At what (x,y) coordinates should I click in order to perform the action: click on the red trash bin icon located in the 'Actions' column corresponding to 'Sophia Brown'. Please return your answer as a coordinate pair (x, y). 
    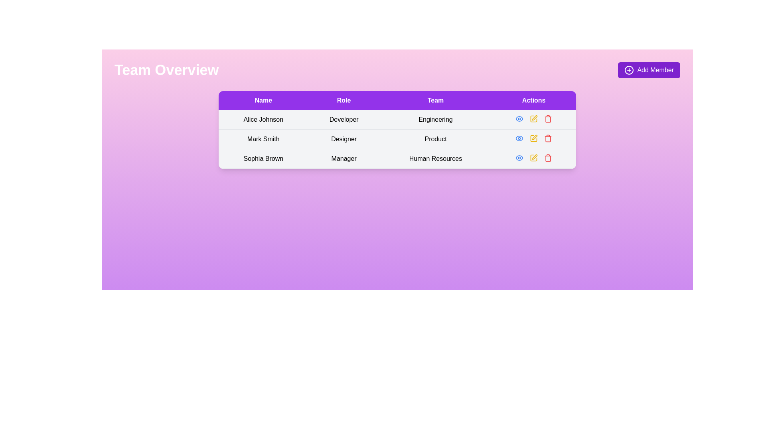
    Looking at the image, I should click on (548, 158).